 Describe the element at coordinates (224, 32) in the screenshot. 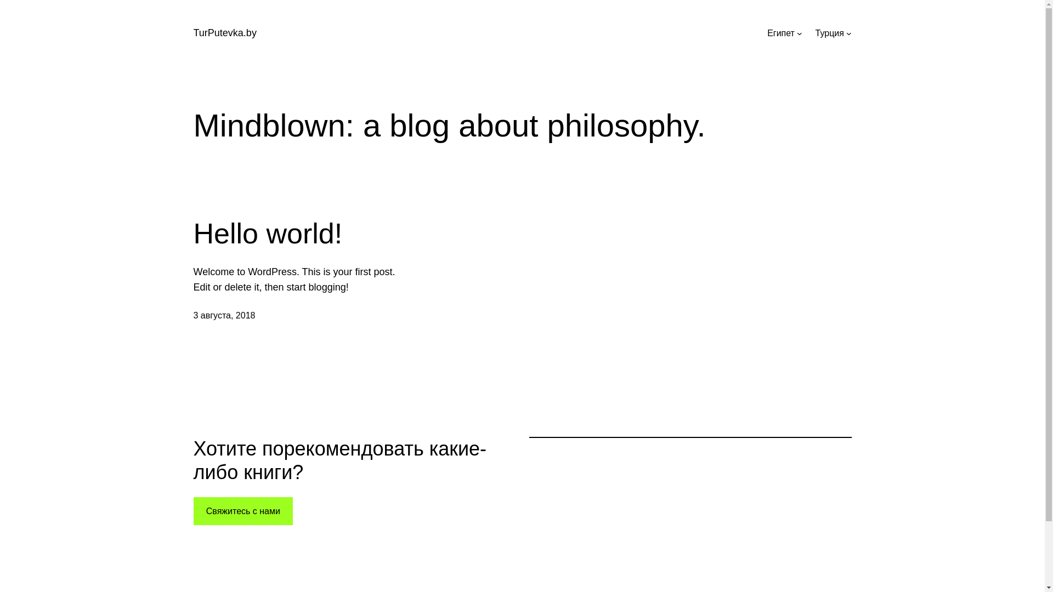

I see `'TurPutevka.by'` at that location.